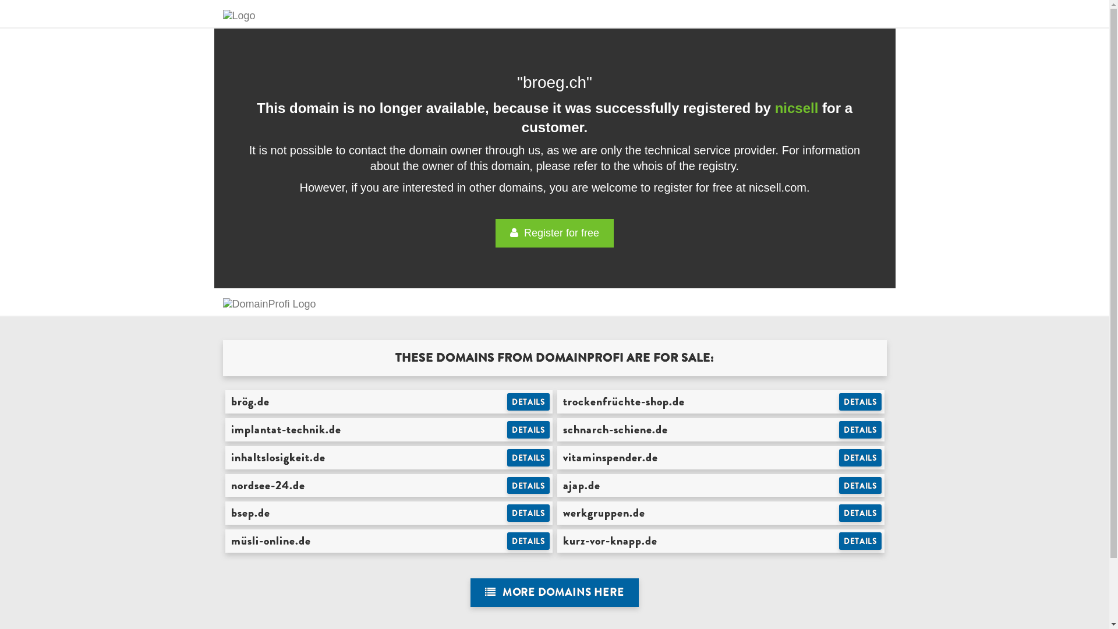 This screenshot has height=629, width=1118. What do you see at coordinates (860, 485) in the screenshot?
I see `'DETAILS'` at bounding box center [860, 485].